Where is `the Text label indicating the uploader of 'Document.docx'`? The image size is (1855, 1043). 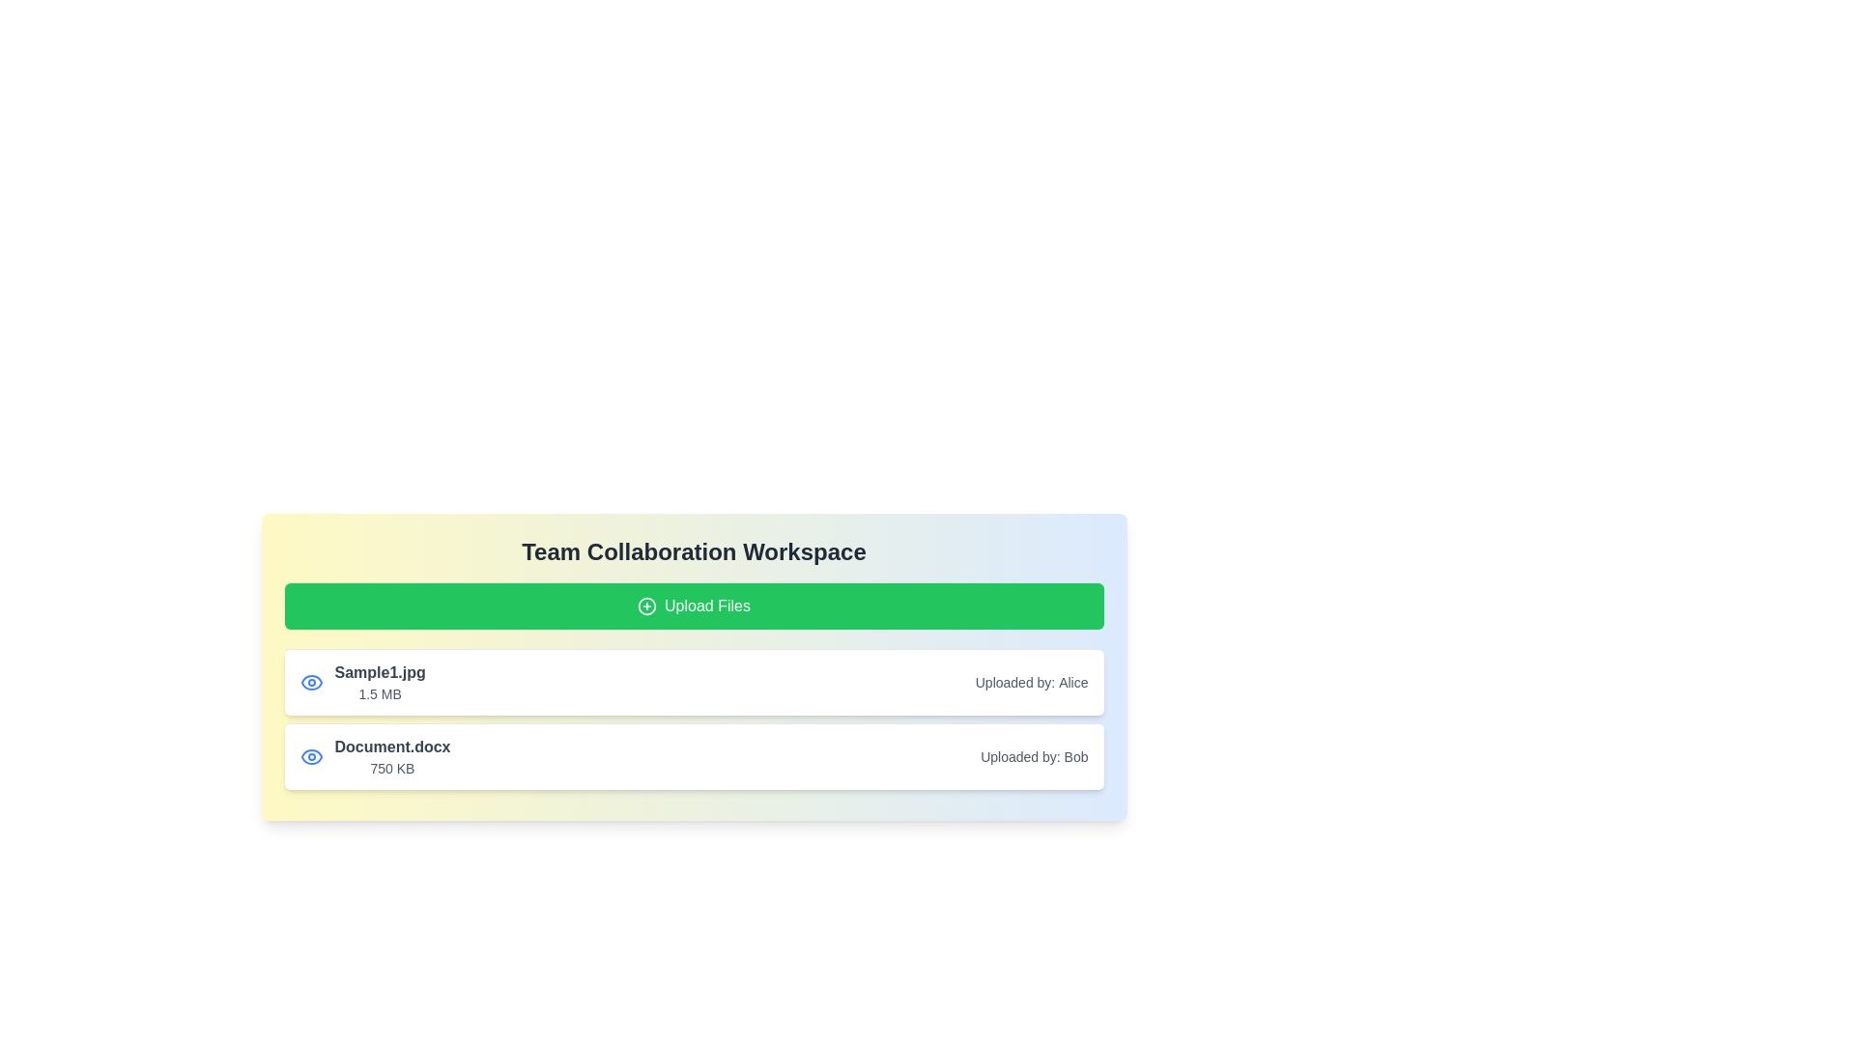
the Text label indicating the uploader of 'Document.docx' is located at coordinates (1033, 755).